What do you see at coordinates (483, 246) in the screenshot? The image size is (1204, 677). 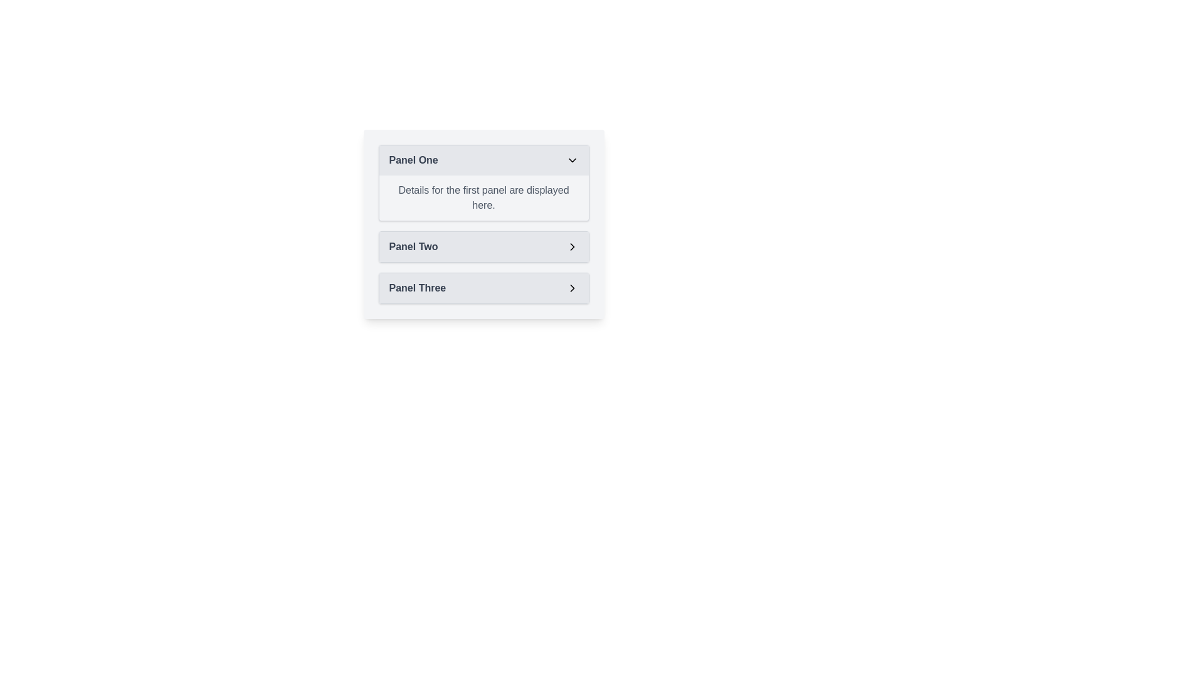 I see `the button-like interface element that serves as a panel selector for 'Panel Two' and focus on it using keyboard navigation` at bounding box center [483, 246].